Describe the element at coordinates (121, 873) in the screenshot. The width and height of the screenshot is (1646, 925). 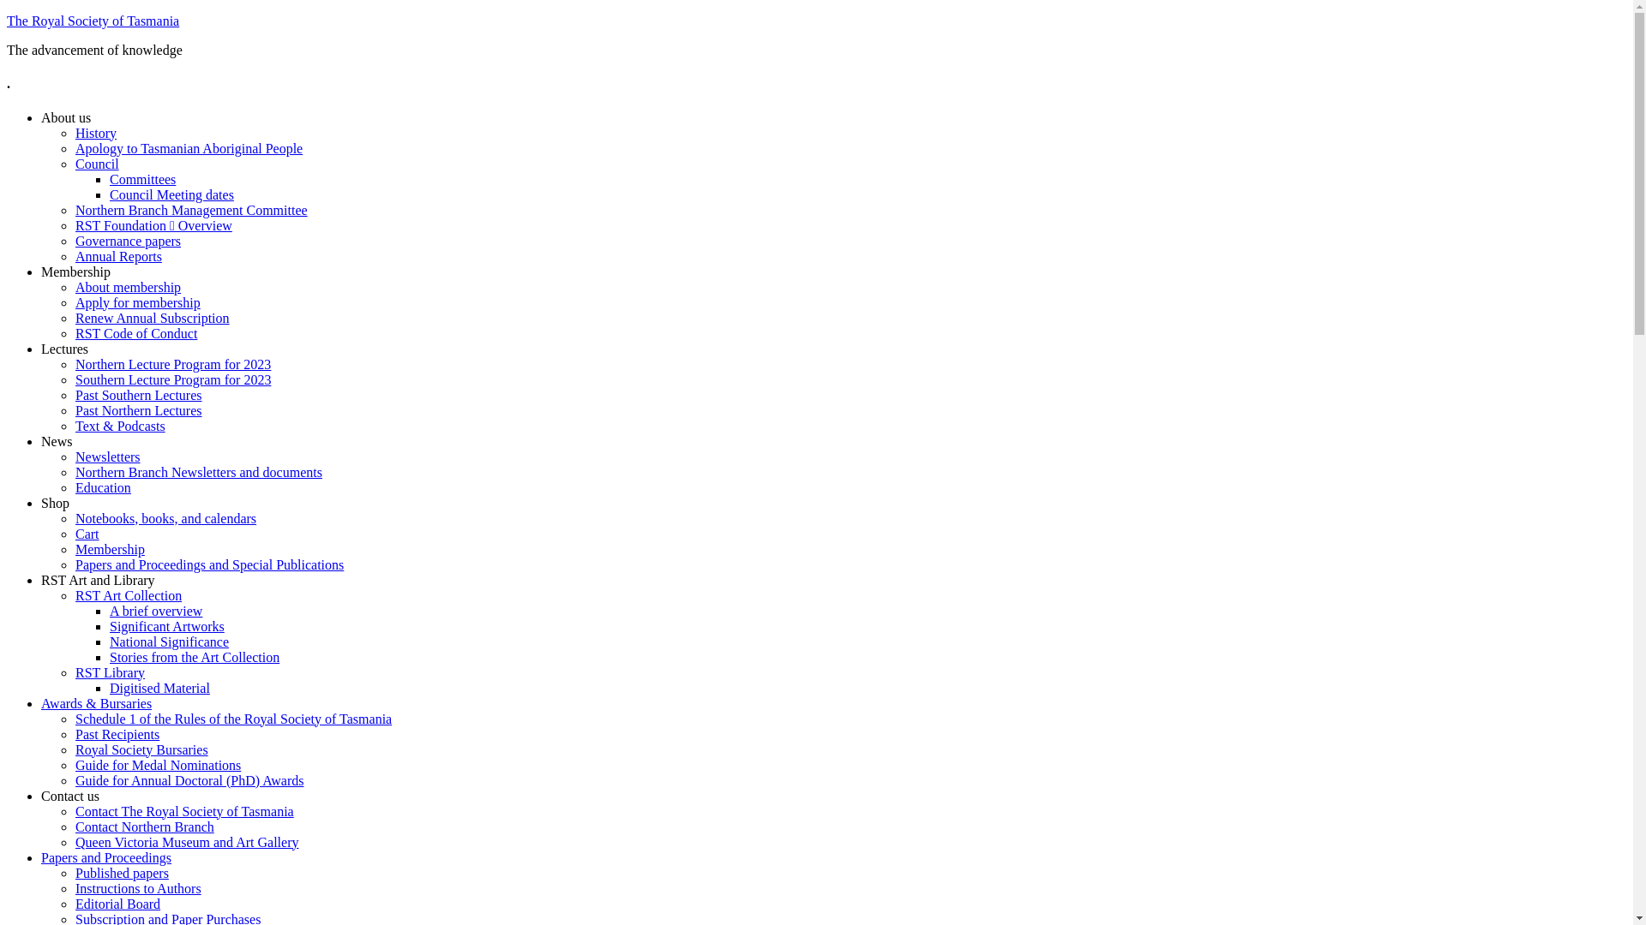
I see `'Published papers'` at that location.